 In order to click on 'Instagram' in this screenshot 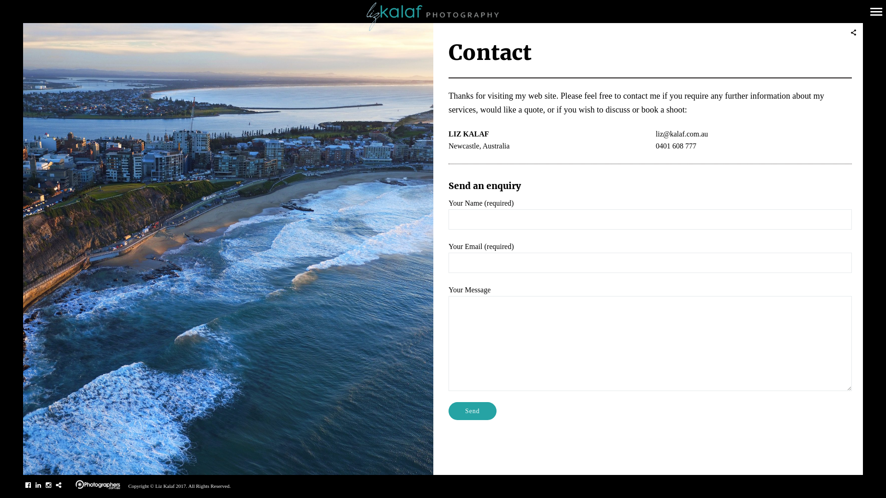, I will do `click(48, 485)`.